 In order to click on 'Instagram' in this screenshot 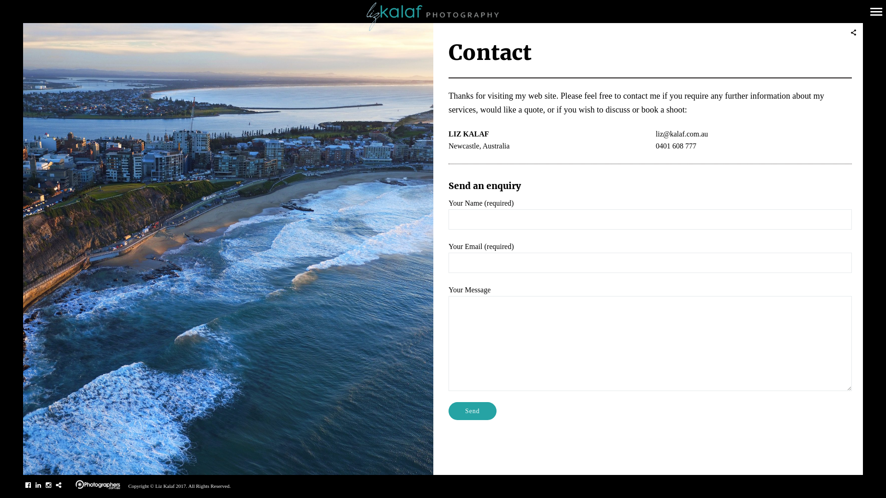, I will do `click(48, 485)`.